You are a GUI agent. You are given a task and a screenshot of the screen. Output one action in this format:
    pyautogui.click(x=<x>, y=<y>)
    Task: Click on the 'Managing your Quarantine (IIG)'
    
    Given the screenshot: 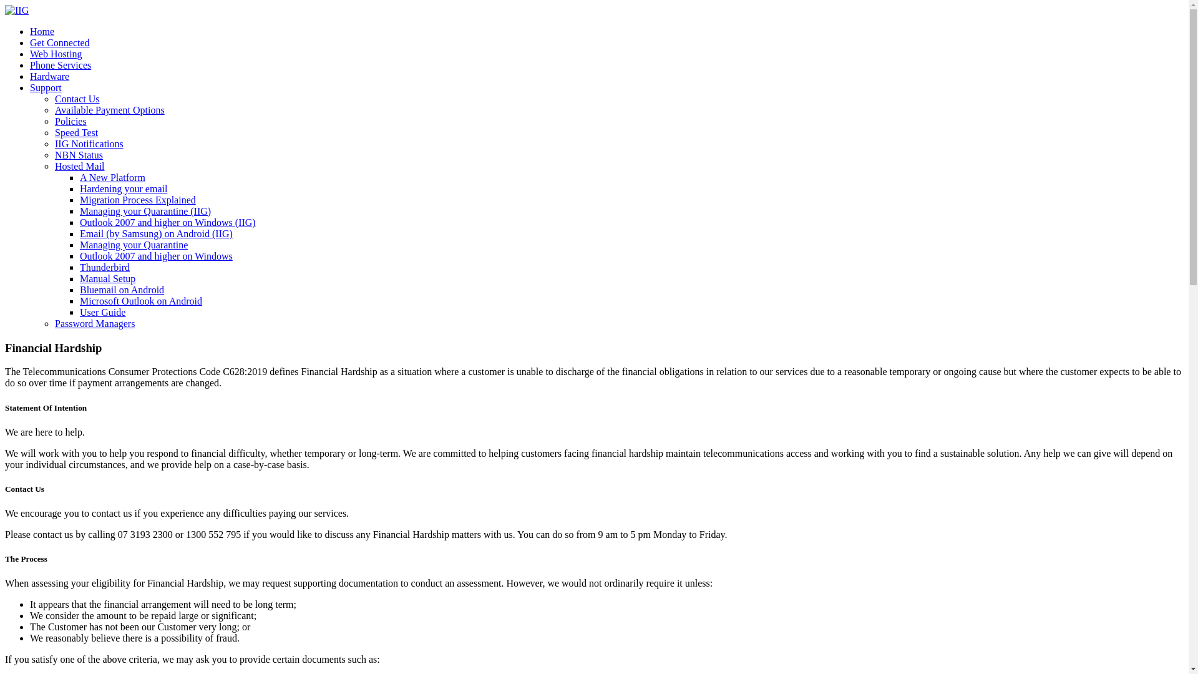 What is the action you would take?
    pyautogui.click(x=145, y=210)
    